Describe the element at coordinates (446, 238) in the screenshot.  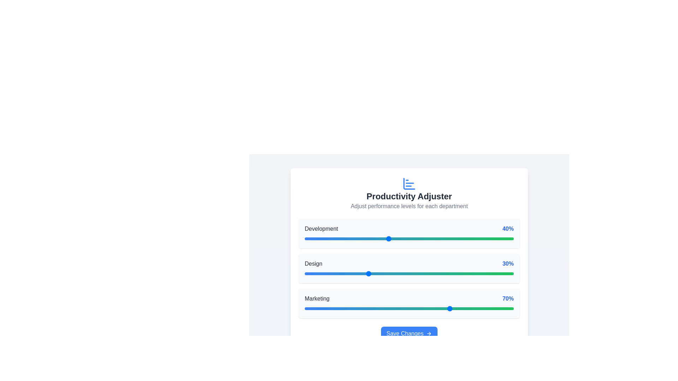
I see `the slider value` at that location.